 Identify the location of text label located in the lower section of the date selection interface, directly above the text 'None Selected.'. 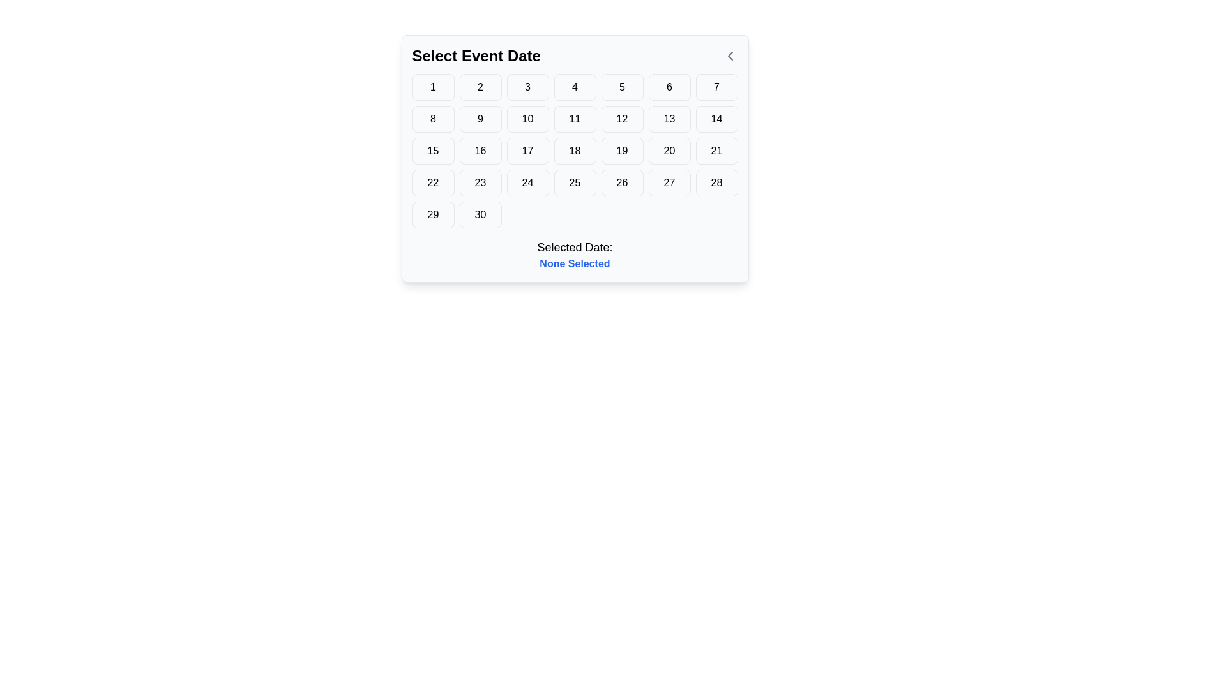
(574, 248).